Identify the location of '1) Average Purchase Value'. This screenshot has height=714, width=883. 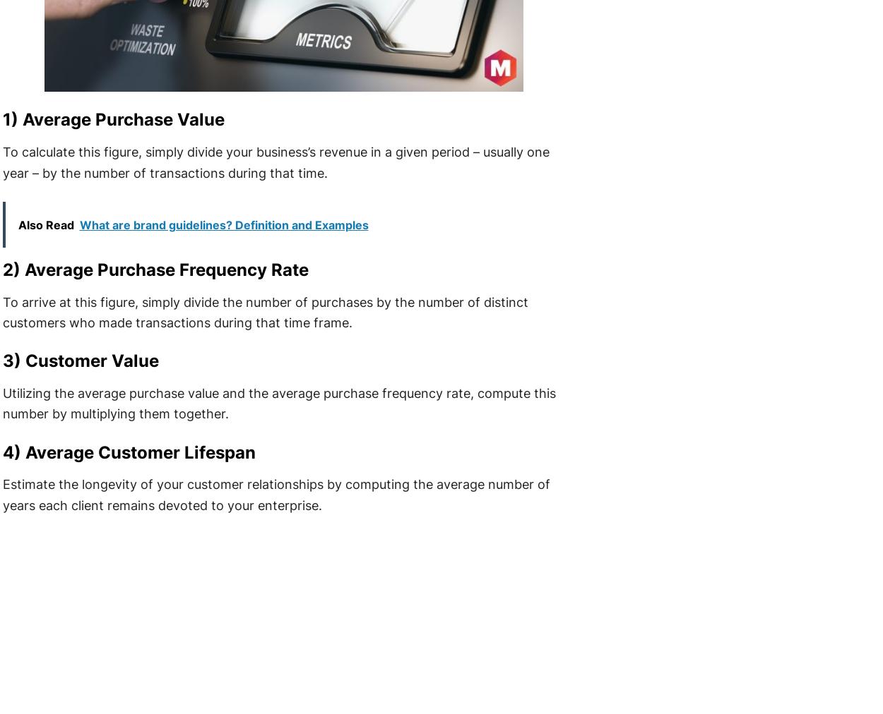
(1, 119).